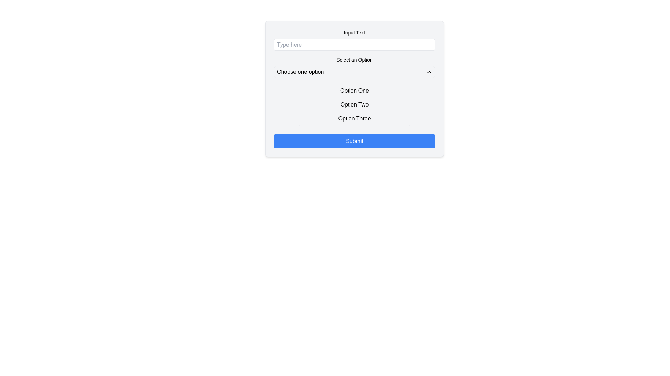  Describe the element at coordinates (300, 72) in the screenshot. I see `the static text label that serves as a placeholder for the dropdown menu, located below the 'Select an Option' label and preceding the dropdown arrow icon` at that location.